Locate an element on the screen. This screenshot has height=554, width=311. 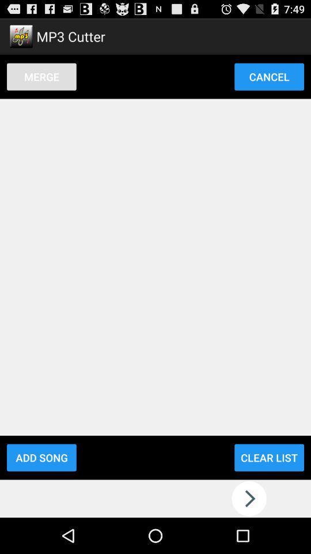
item to the left of clear list button is located at coordinates (41, 458).